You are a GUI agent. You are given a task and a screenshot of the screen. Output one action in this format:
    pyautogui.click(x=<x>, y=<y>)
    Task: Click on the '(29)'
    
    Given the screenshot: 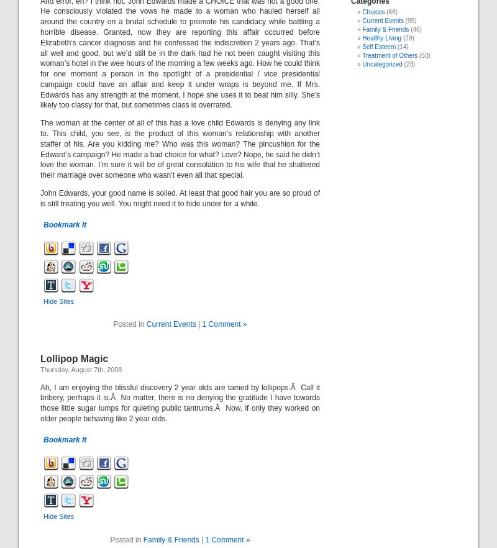 What is the action you would take?
    pyautogui.click(x=407, y=37)
    